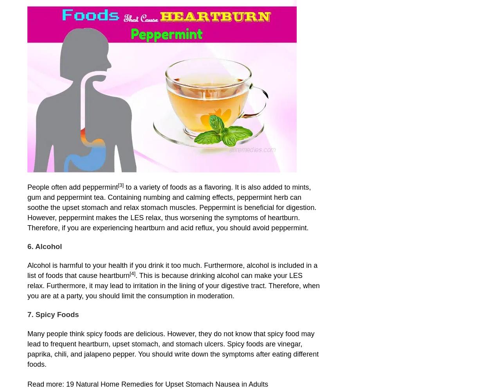  Describe the element at coordinates (132, 273) in the screenshot. I see `'[4]'` at that location.